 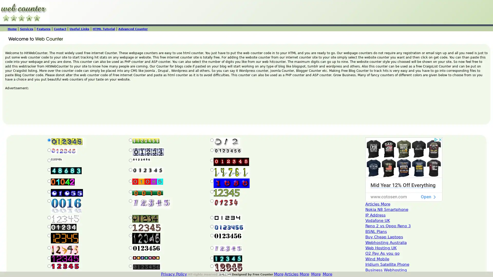 What do you see at coordinates (146, 227) in the screenshot?
I see `Submit` at bounding box center [146, 227].